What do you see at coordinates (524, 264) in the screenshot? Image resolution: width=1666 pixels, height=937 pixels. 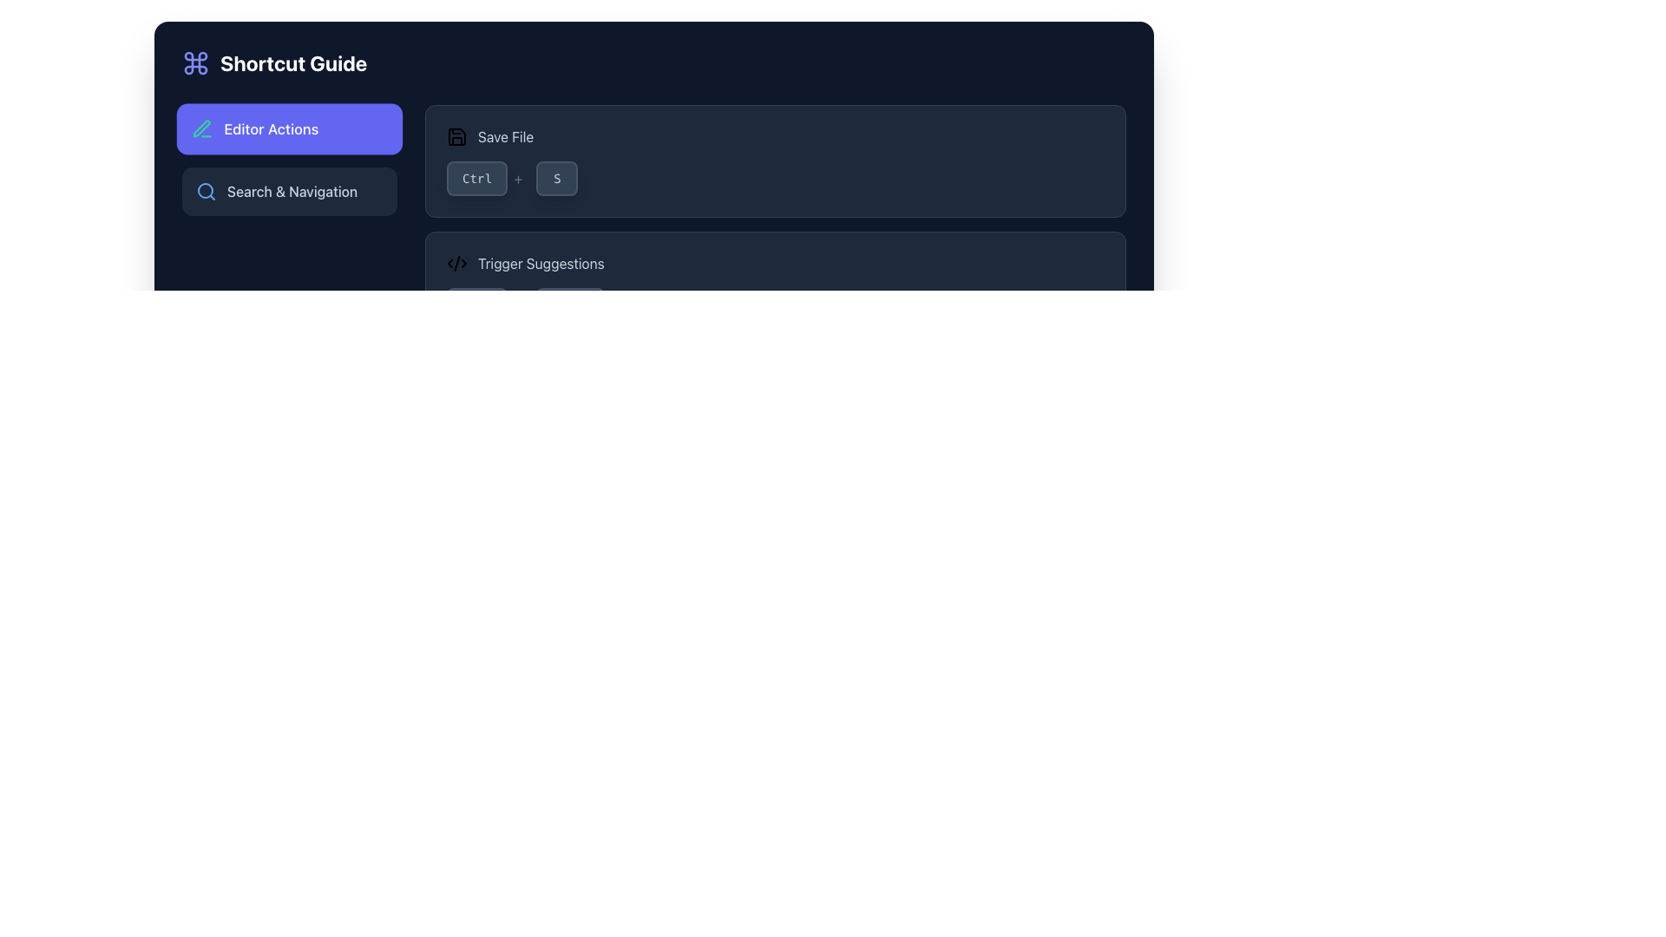 I see `the Label with an icon depicting a code-related symbol and the text 'Trigger Suggestions', located under the 'Shortcut Guide' header on the right side of the dark interface` at bounding box center [524, 264].